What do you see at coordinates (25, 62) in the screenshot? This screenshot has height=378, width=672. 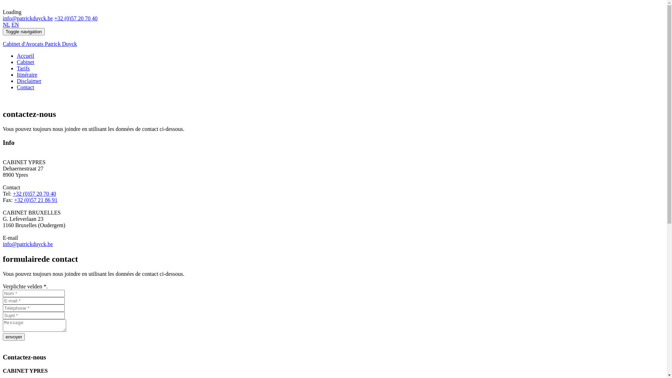 I see `'Cabinet'` at bounding box center [25, 62].